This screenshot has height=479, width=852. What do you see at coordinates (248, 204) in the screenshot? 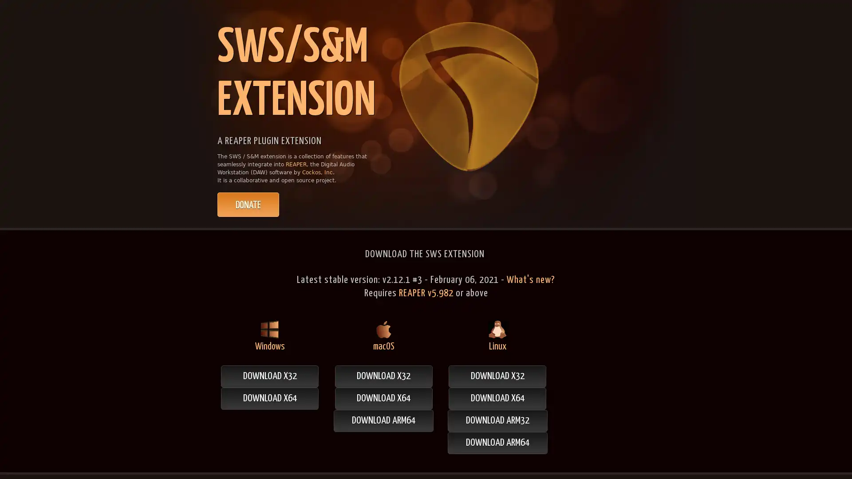
I see `PayPal` at bounding box center [248, 204].